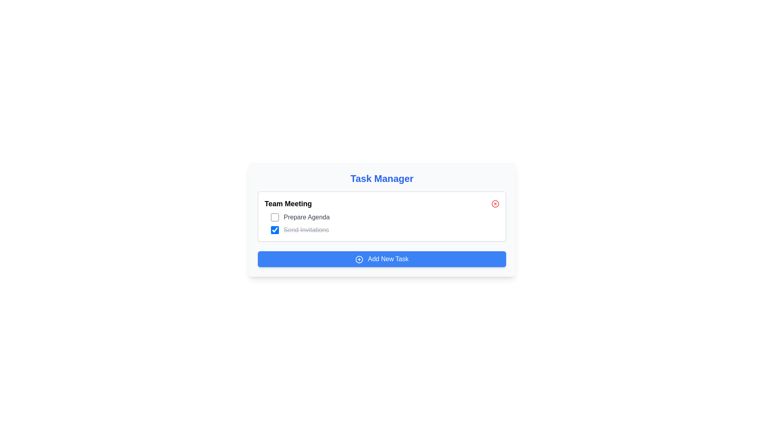 Image resolution: width=764 pixels, height=430 pixels. I want to click on the small red circular button with an 'X' inside, located at the far-right side of the 'Team Meeting' section header, to observe the color change, so click(495, 203).